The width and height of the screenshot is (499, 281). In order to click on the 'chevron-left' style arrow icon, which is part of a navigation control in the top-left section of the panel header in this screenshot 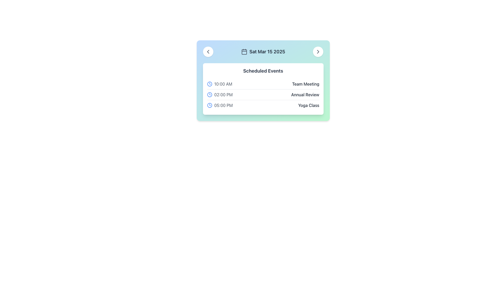, I will do `click(208, 52)`.